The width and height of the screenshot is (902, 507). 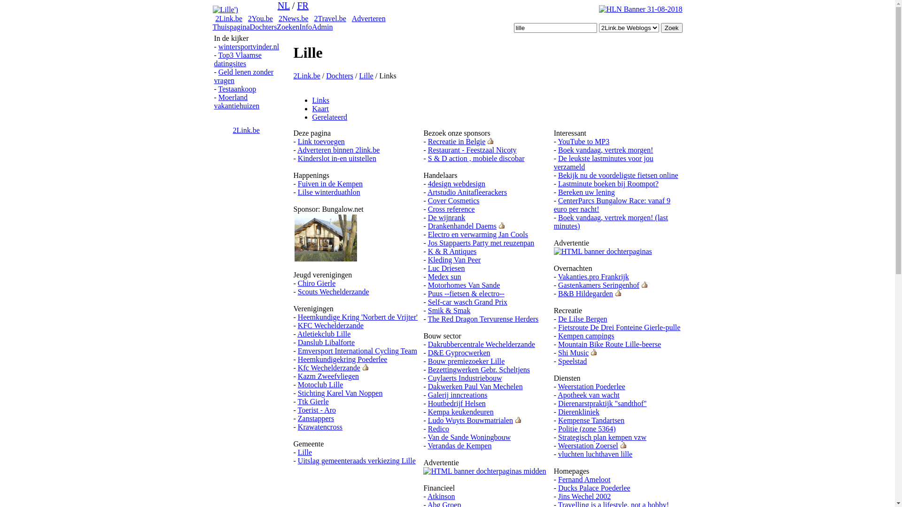 I want to click on 'Drankenhandel Daems', so click(x=462, y=226).